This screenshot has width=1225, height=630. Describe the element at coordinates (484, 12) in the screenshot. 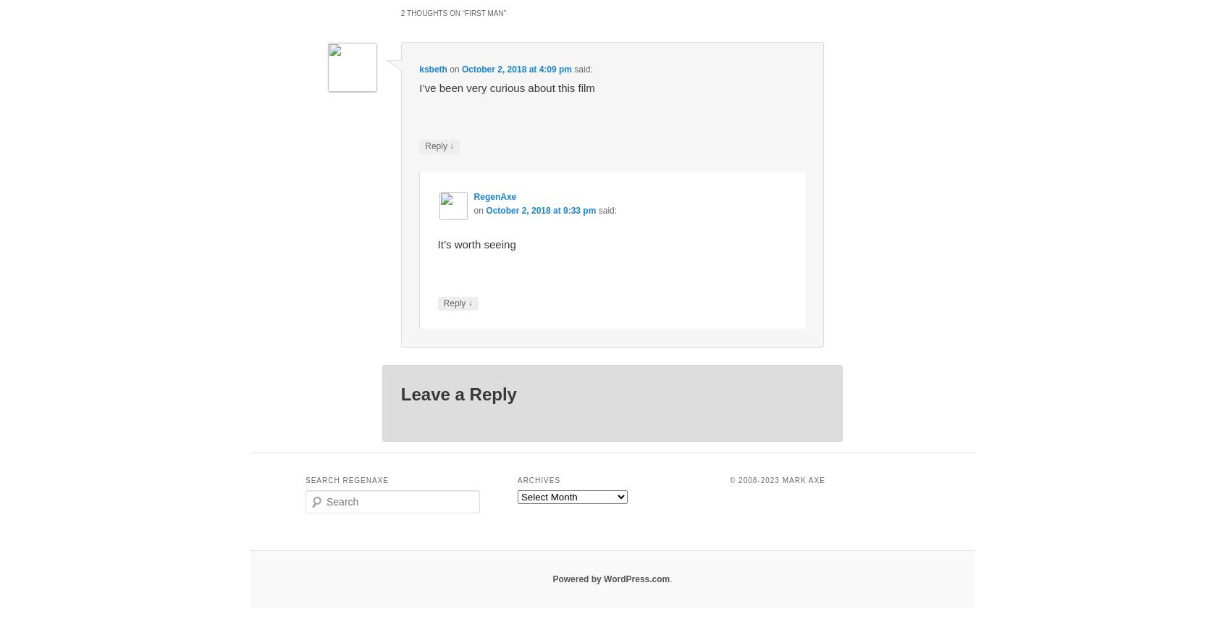

I see `'First Man'` at that location.